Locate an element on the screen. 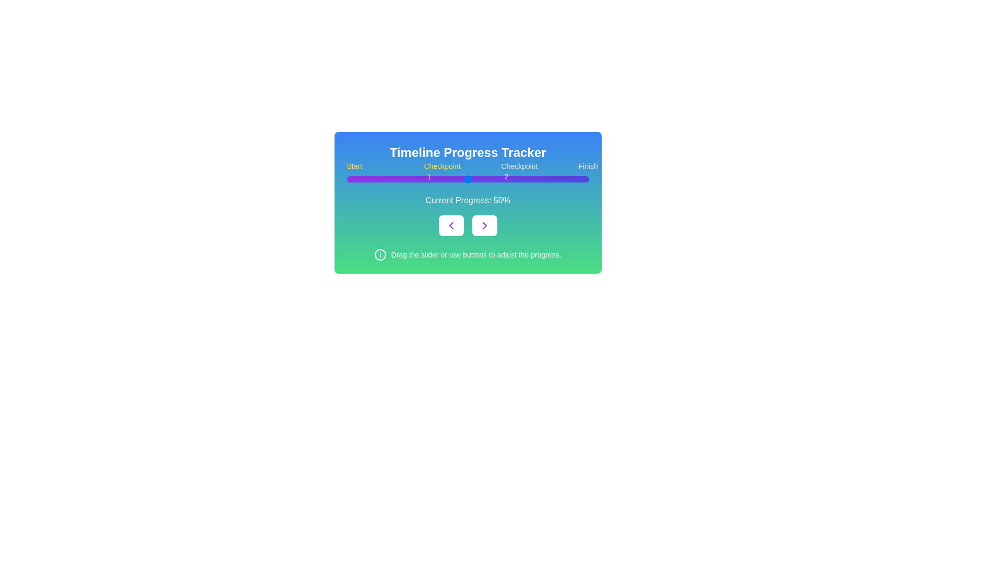 The image size is (1002, 563). milestones and progress indicators from the progress bar located in the 'Timeline Progress Tracker' modal, which is centrally positioned above the 'Current Progress: 50%' text is located at coordinates (467, 170).